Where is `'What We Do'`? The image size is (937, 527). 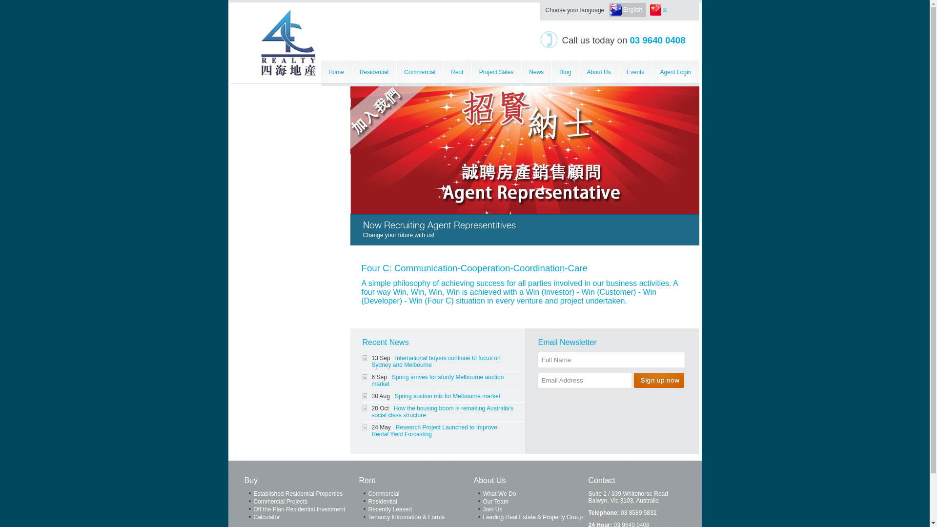
'What We Do' is located at coordinates (530, 494).